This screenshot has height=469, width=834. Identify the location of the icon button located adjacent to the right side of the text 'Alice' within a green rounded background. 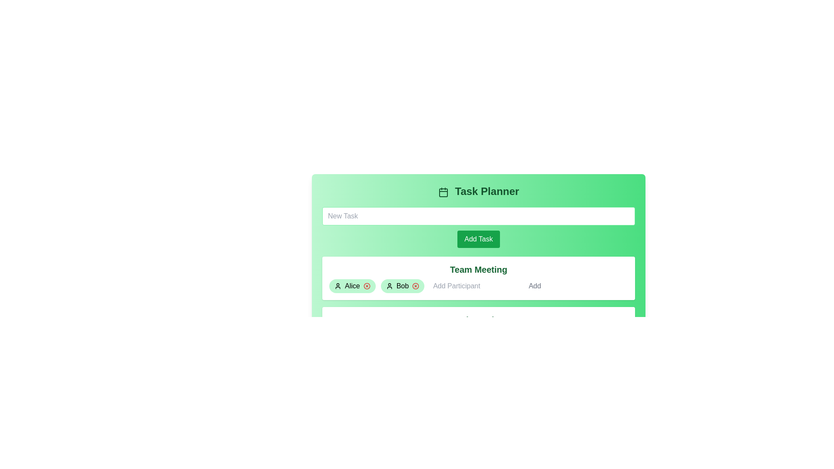
(367, 286).